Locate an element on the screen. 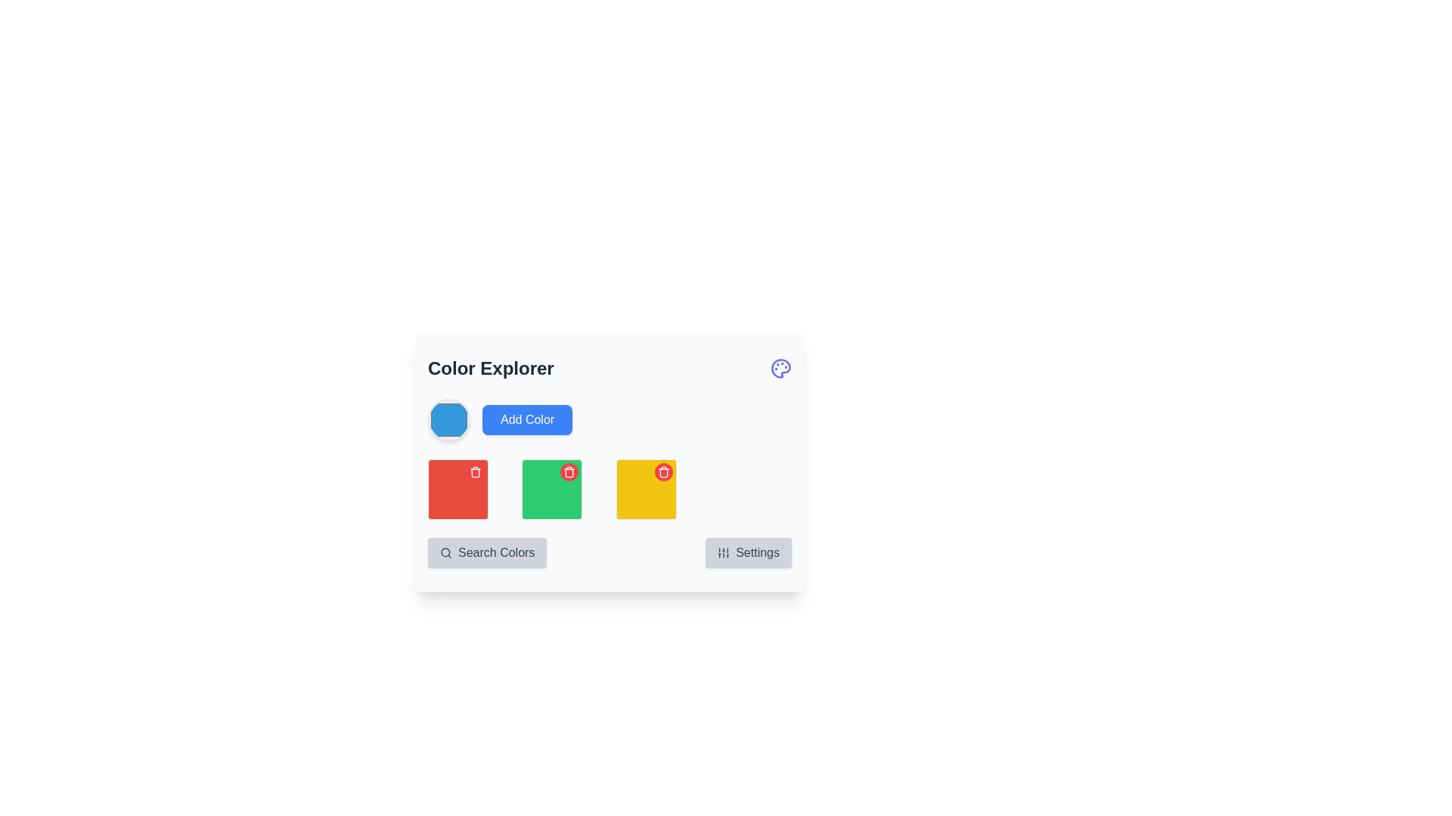 The height and width of the screenshot is (816, 1452). the icon button located at the top-right corner of the first red card is located at coordinates (474, 471).